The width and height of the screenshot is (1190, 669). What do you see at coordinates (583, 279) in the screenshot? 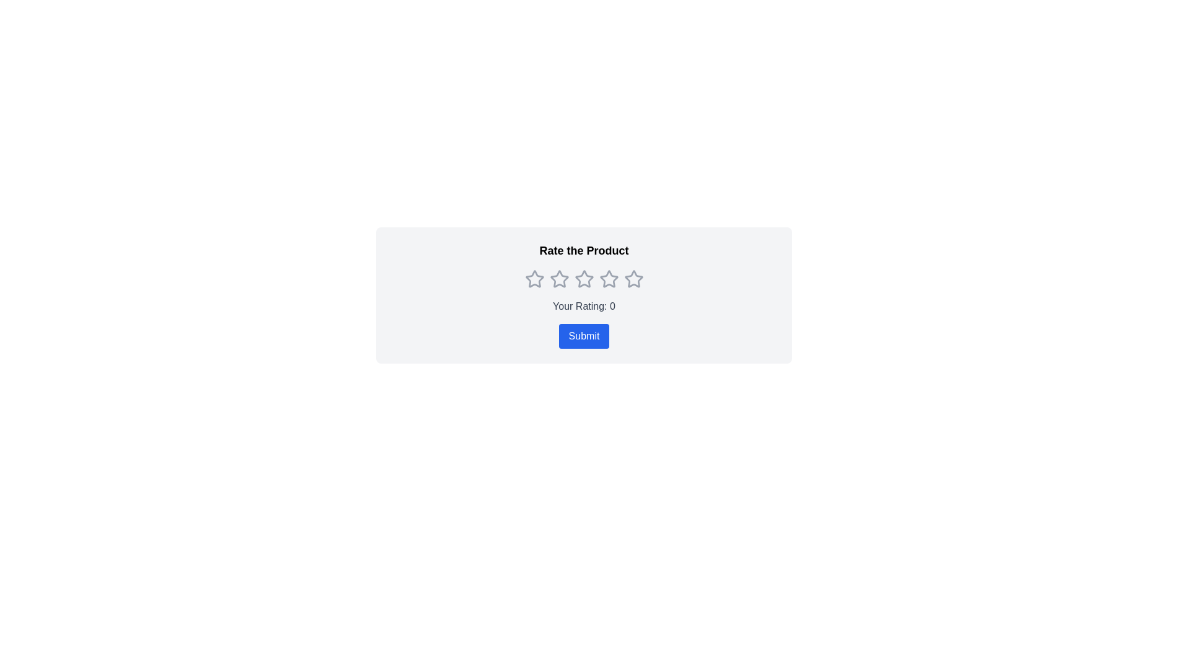
I see `the second interactive rating star icon` at bounding box center [583, 279].